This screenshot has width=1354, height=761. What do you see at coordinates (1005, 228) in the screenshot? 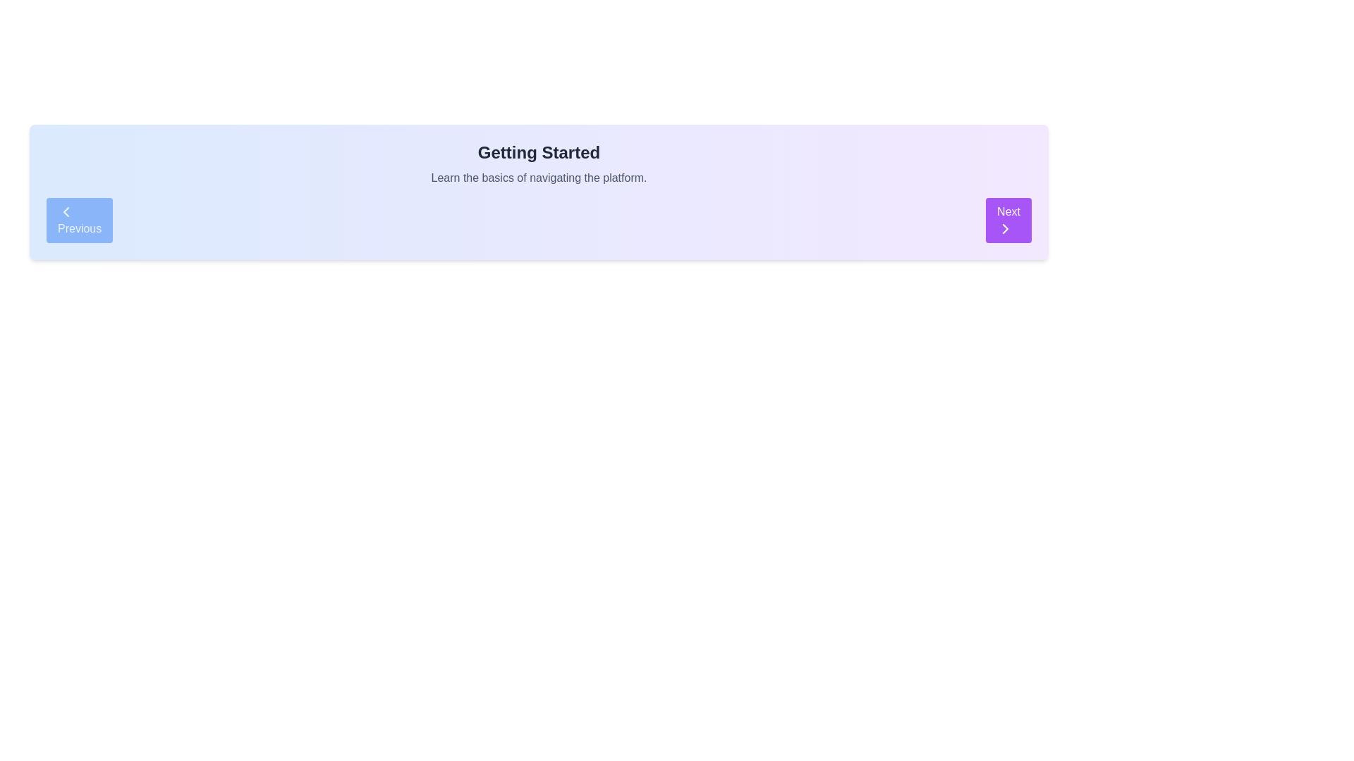
I see `the forward navigation icon located within the 'Next' button on the right side of the interface` at bounding box center [1005, 228].